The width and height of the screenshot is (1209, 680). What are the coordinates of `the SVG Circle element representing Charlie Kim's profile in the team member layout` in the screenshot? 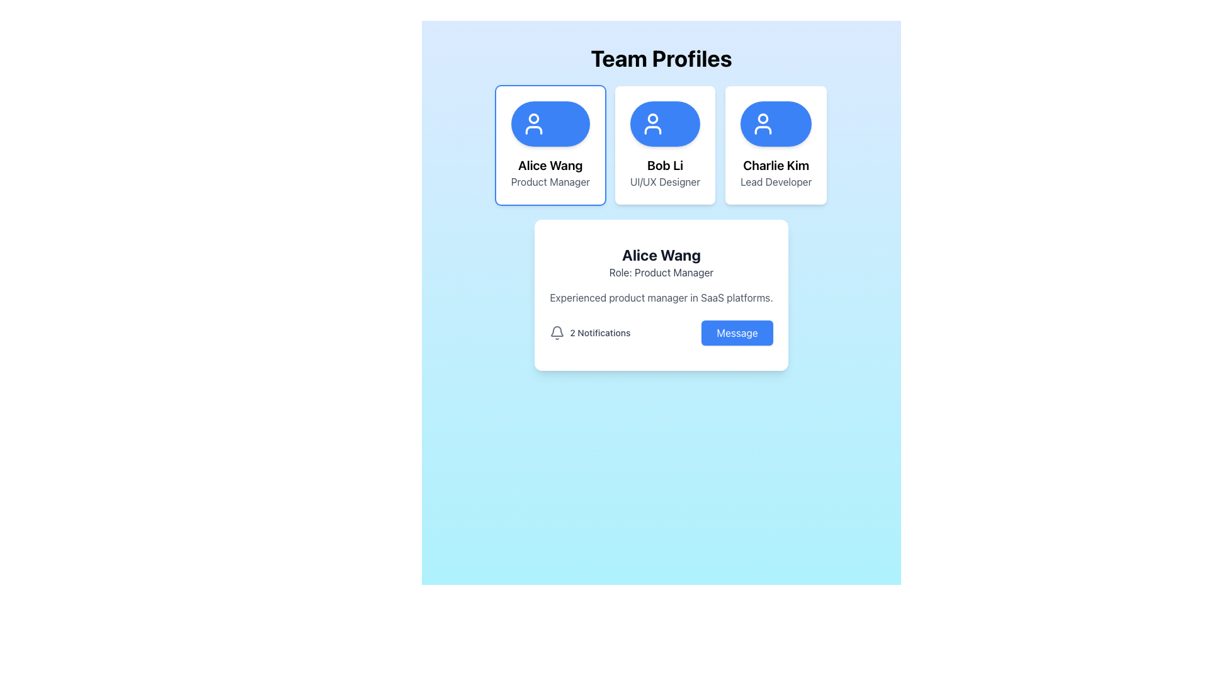 It's located at (763, 118).